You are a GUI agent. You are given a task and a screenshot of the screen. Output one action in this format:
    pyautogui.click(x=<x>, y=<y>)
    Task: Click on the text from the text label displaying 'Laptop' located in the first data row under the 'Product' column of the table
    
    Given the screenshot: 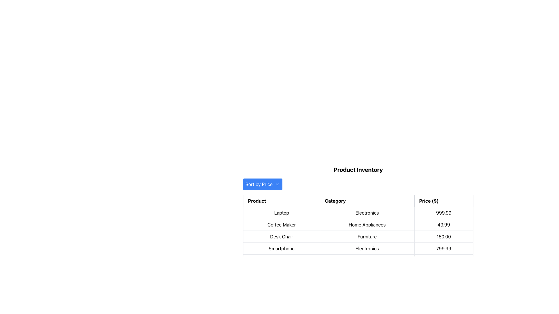 What is the action you would take?
    pyautogui.click(x=282, y=213)
    